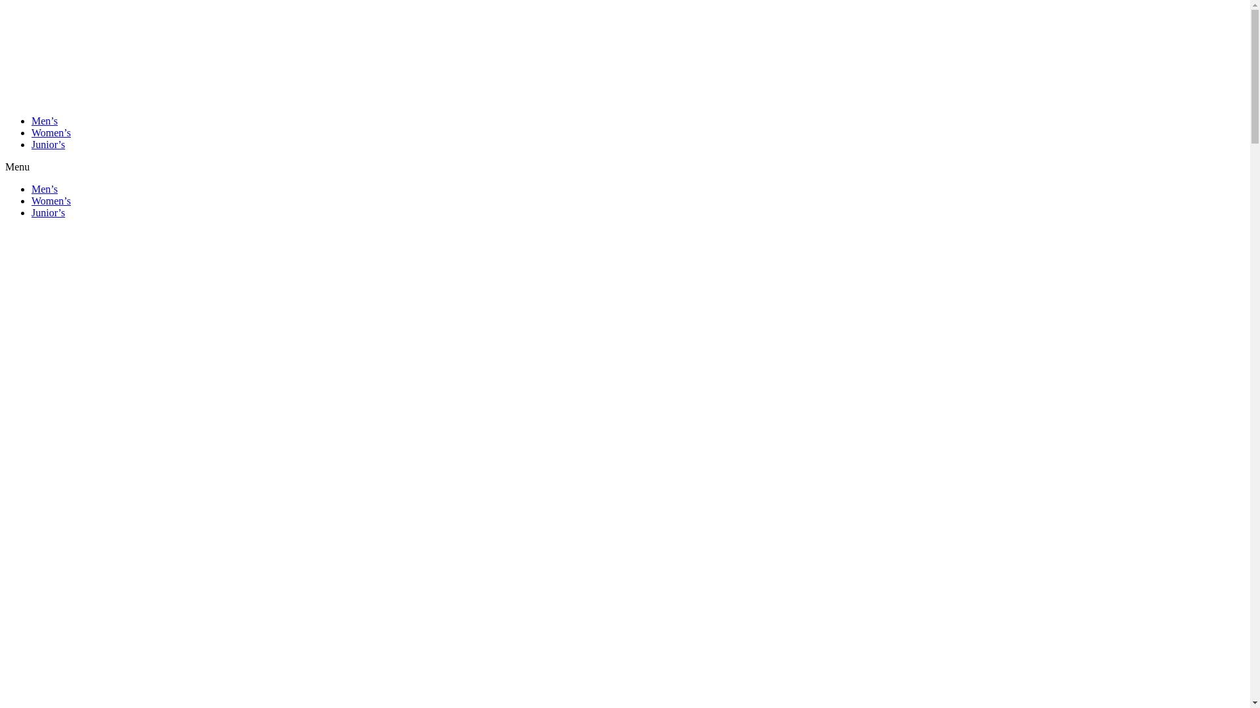  I want to click on 'Skip to content', so click(5, 5).